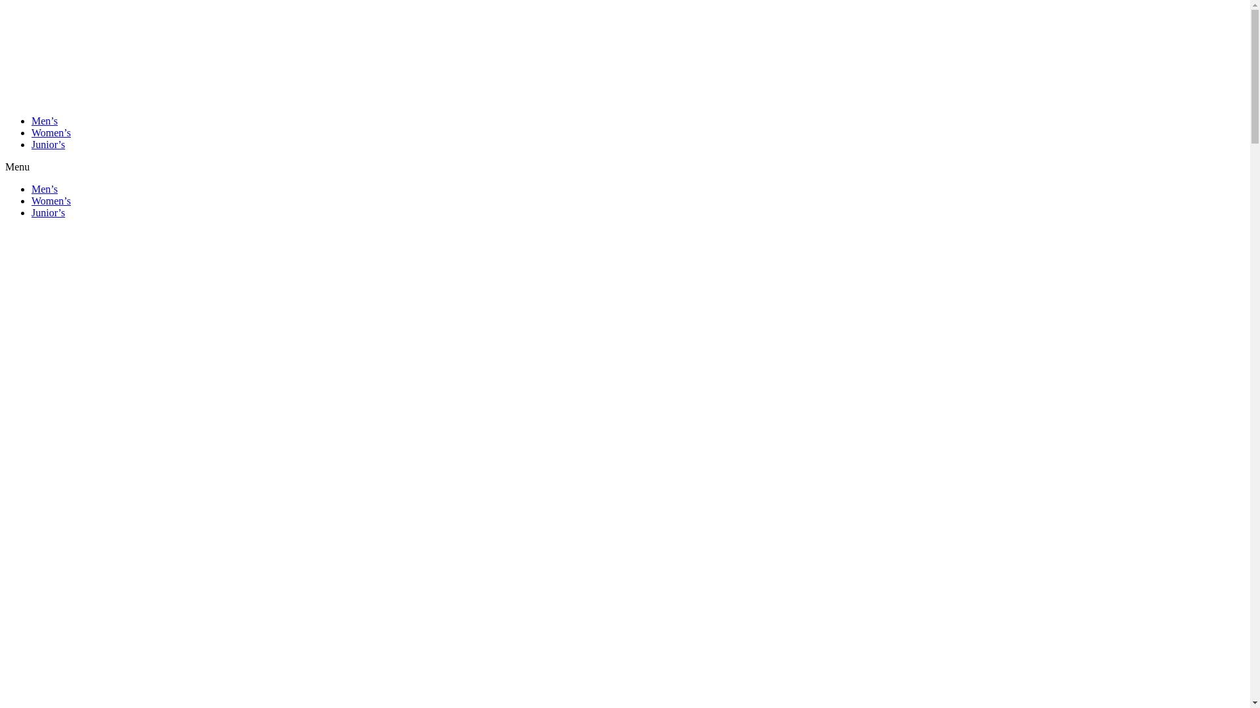  I want to click on 'Skip to content', so click(5, 5).